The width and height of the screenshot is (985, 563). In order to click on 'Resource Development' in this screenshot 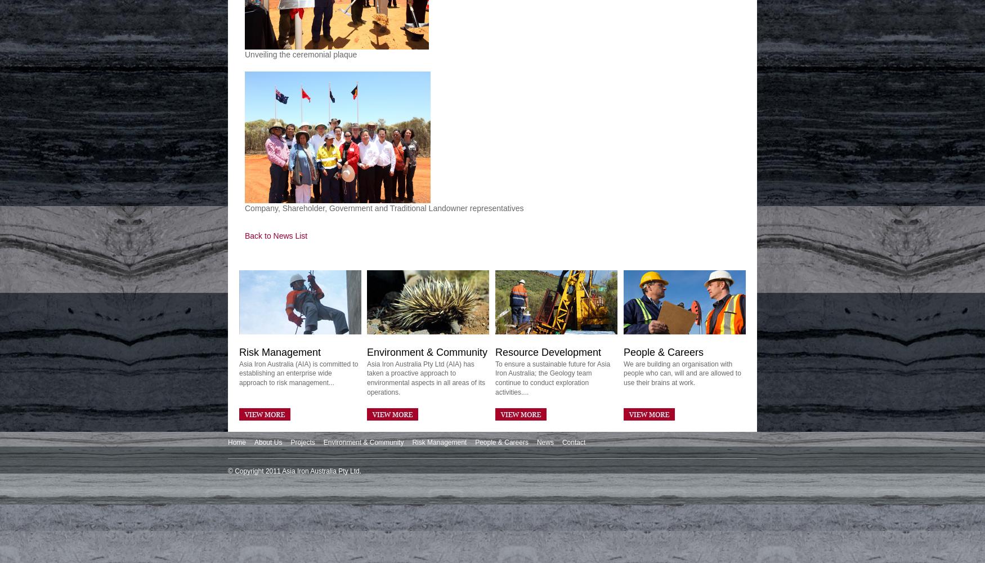, I will do `click(548, 352)`.